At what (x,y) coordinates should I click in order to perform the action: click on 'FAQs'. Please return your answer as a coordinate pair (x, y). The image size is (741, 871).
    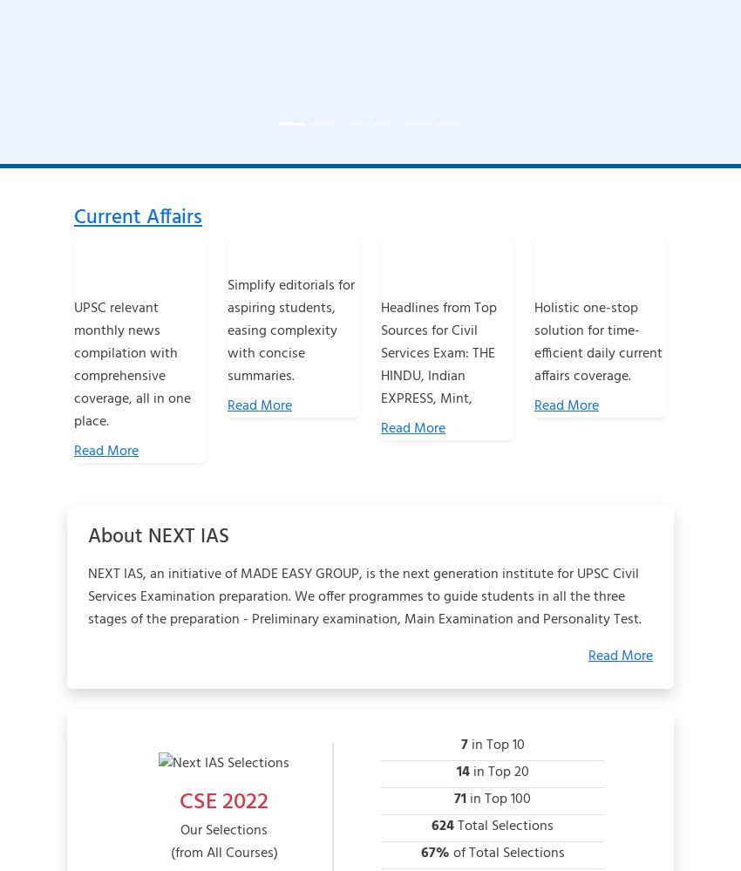
    Looking at the image, I should click on (290, 820).